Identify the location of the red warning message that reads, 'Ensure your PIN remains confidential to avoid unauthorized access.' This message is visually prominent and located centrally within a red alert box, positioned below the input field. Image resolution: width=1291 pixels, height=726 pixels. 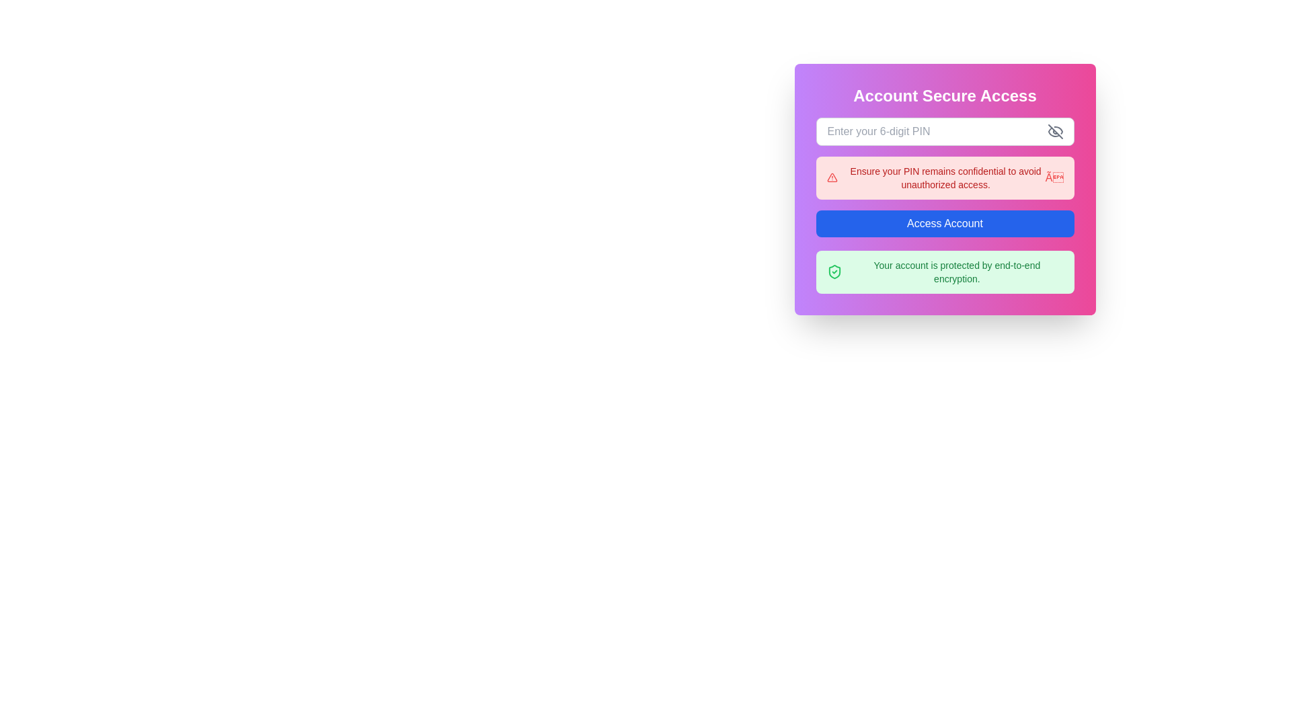
(945, 177).